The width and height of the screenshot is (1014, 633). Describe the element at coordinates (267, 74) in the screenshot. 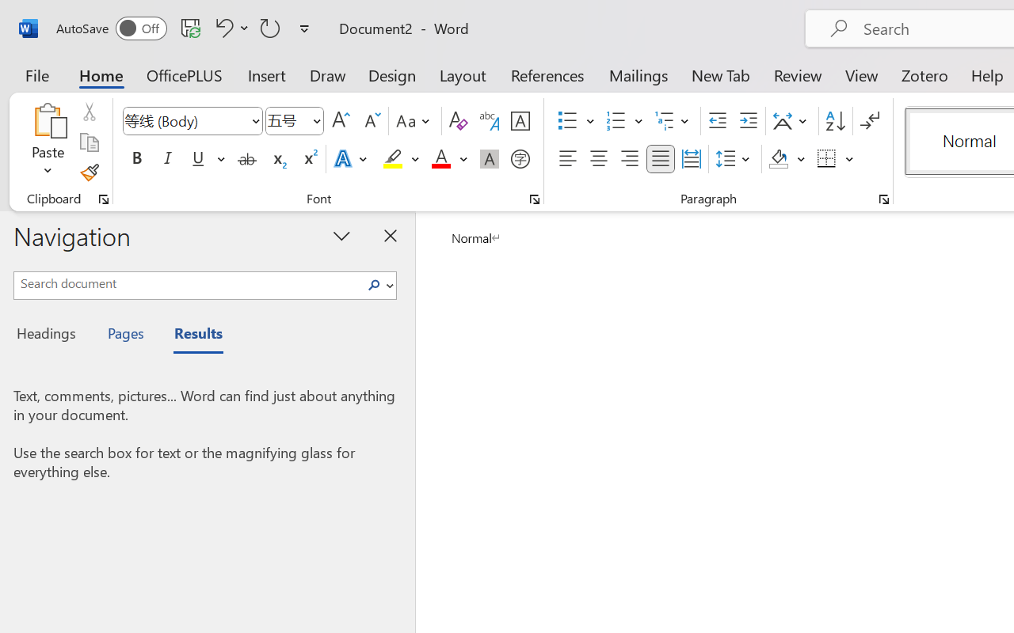

I see `'Insert'` at that location.